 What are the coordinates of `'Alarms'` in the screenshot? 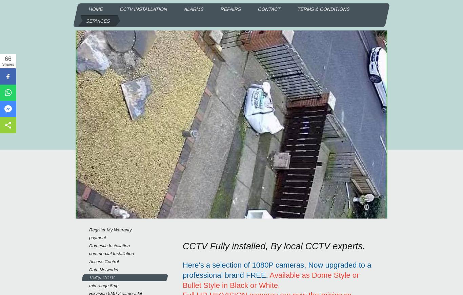 It's located at (193, 9).